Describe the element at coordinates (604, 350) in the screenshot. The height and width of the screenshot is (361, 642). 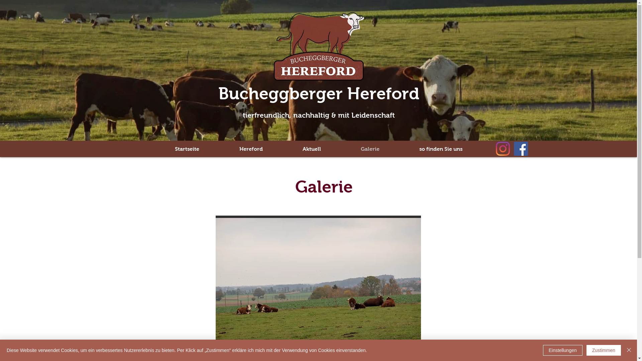
I see `'Zustimmen'` at that location.